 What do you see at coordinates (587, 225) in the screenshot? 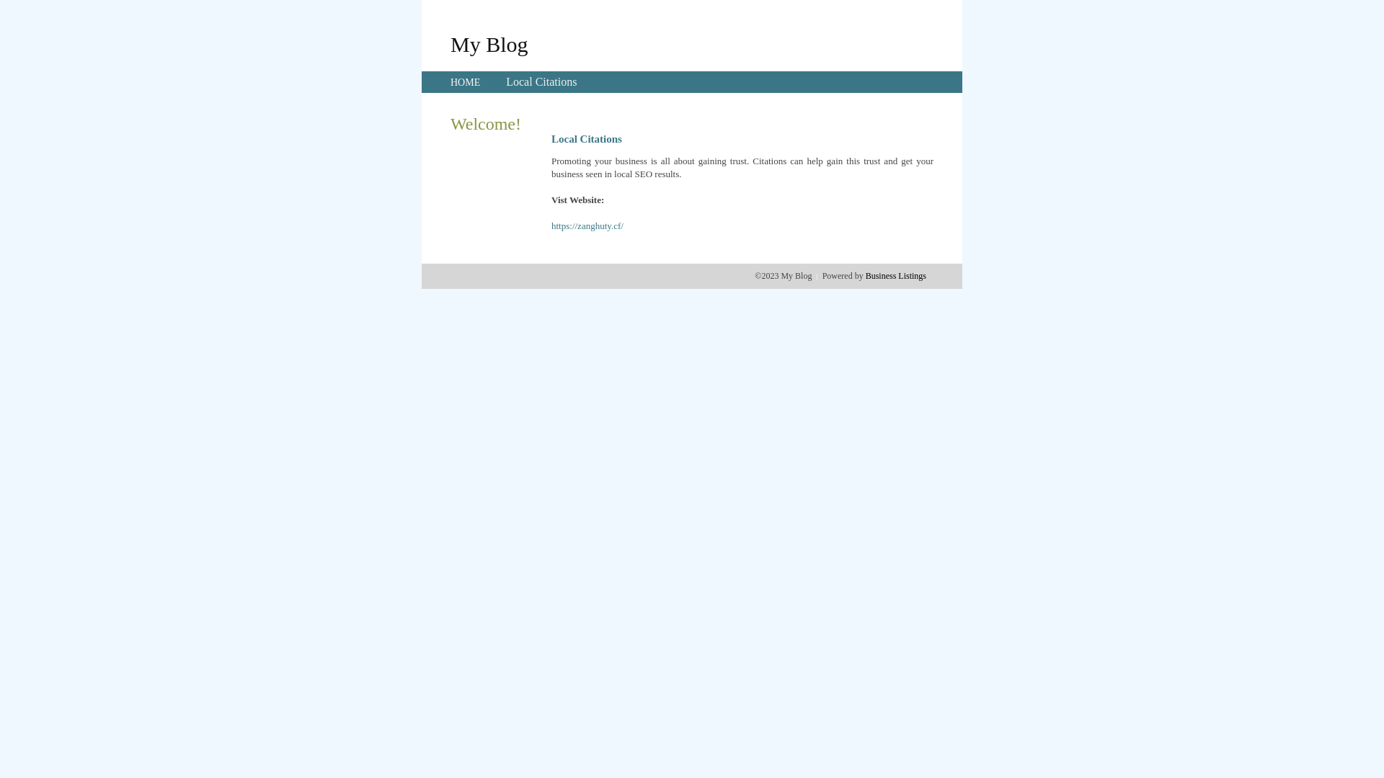
I see `'https://zanghuty.cf/'` at bounding box center [587, 225].